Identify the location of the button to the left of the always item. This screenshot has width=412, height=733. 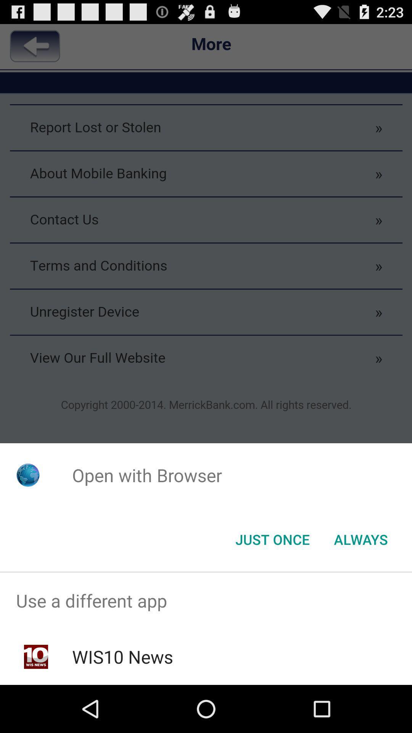
(272, 539).